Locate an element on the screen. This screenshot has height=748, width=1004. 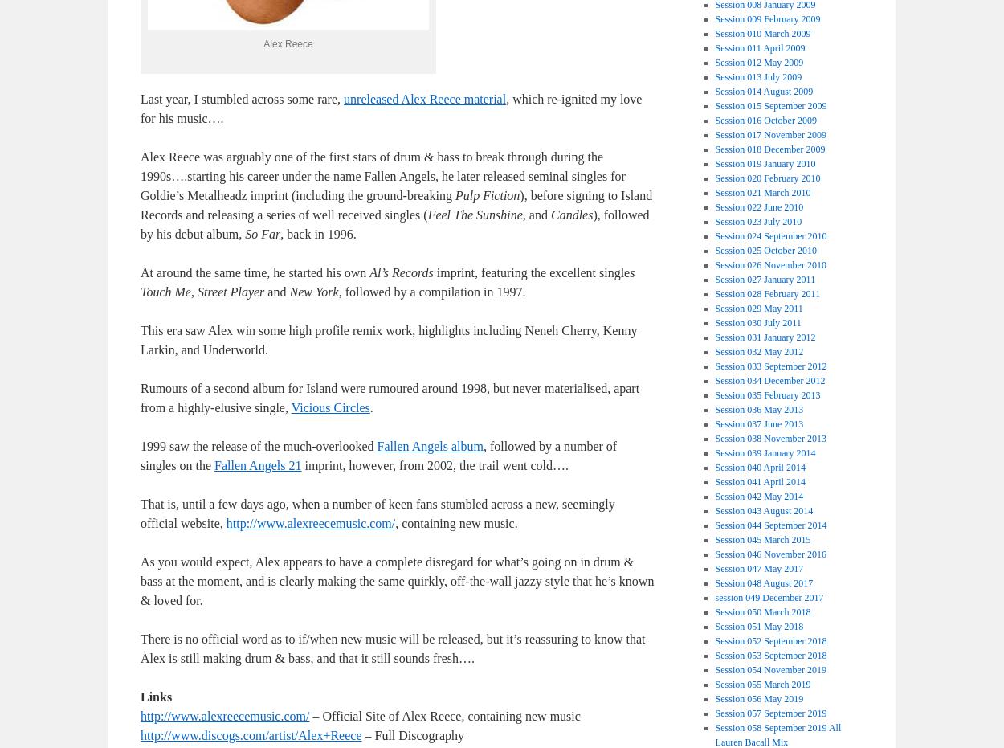
'Session 026 November 2010' is located at coordinates (769, 264).